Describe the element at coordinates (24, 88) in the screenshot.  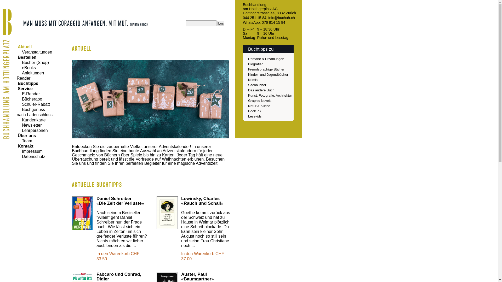
I see `'Service'` at that location.